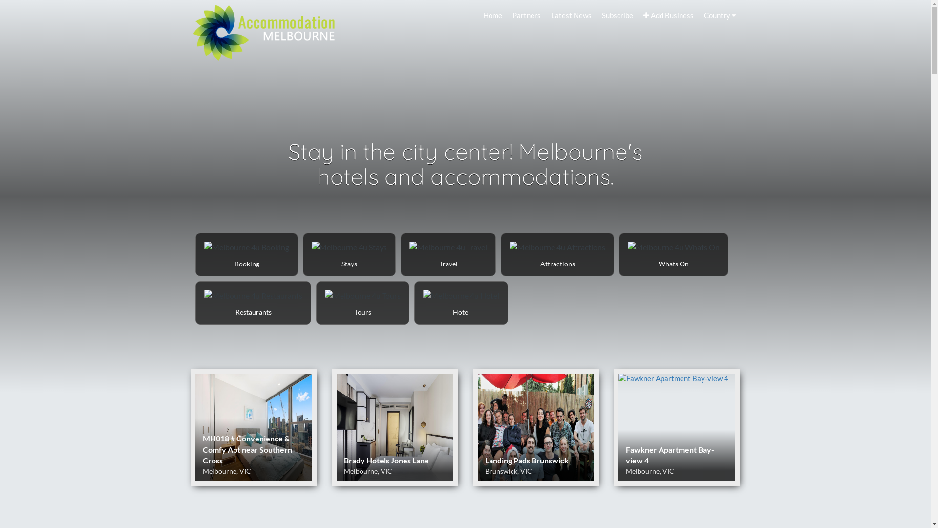 The height and width of the screenshot is (528, 938). What do you see at coordinates (317, 302) in the screenshot?
I see `'Tours Melbourne 4u'` at bounding box center [317, 302].